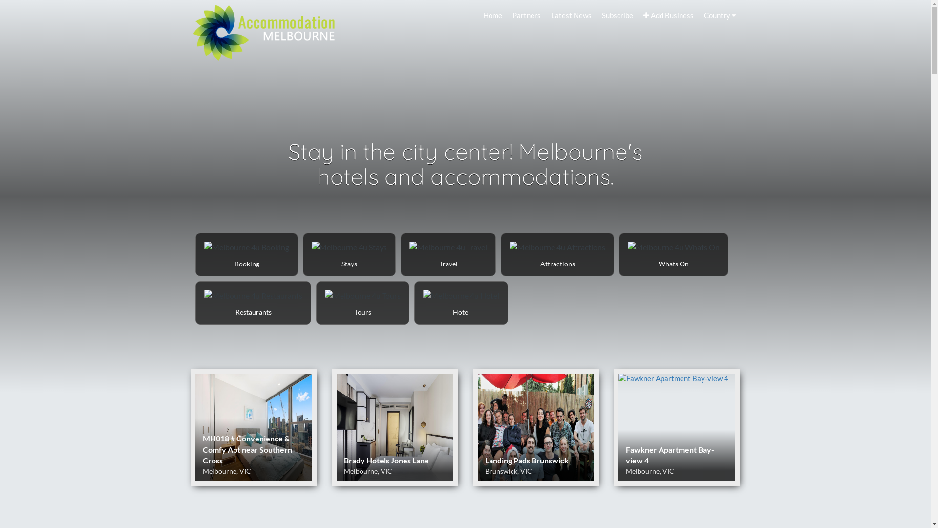 The height and width of the screenshot is (528, 938). What do you see at coordinates (317, 302) in the screenshot?
I see `'Tours Melbourne 4u'` at bounding box center [317, 302].